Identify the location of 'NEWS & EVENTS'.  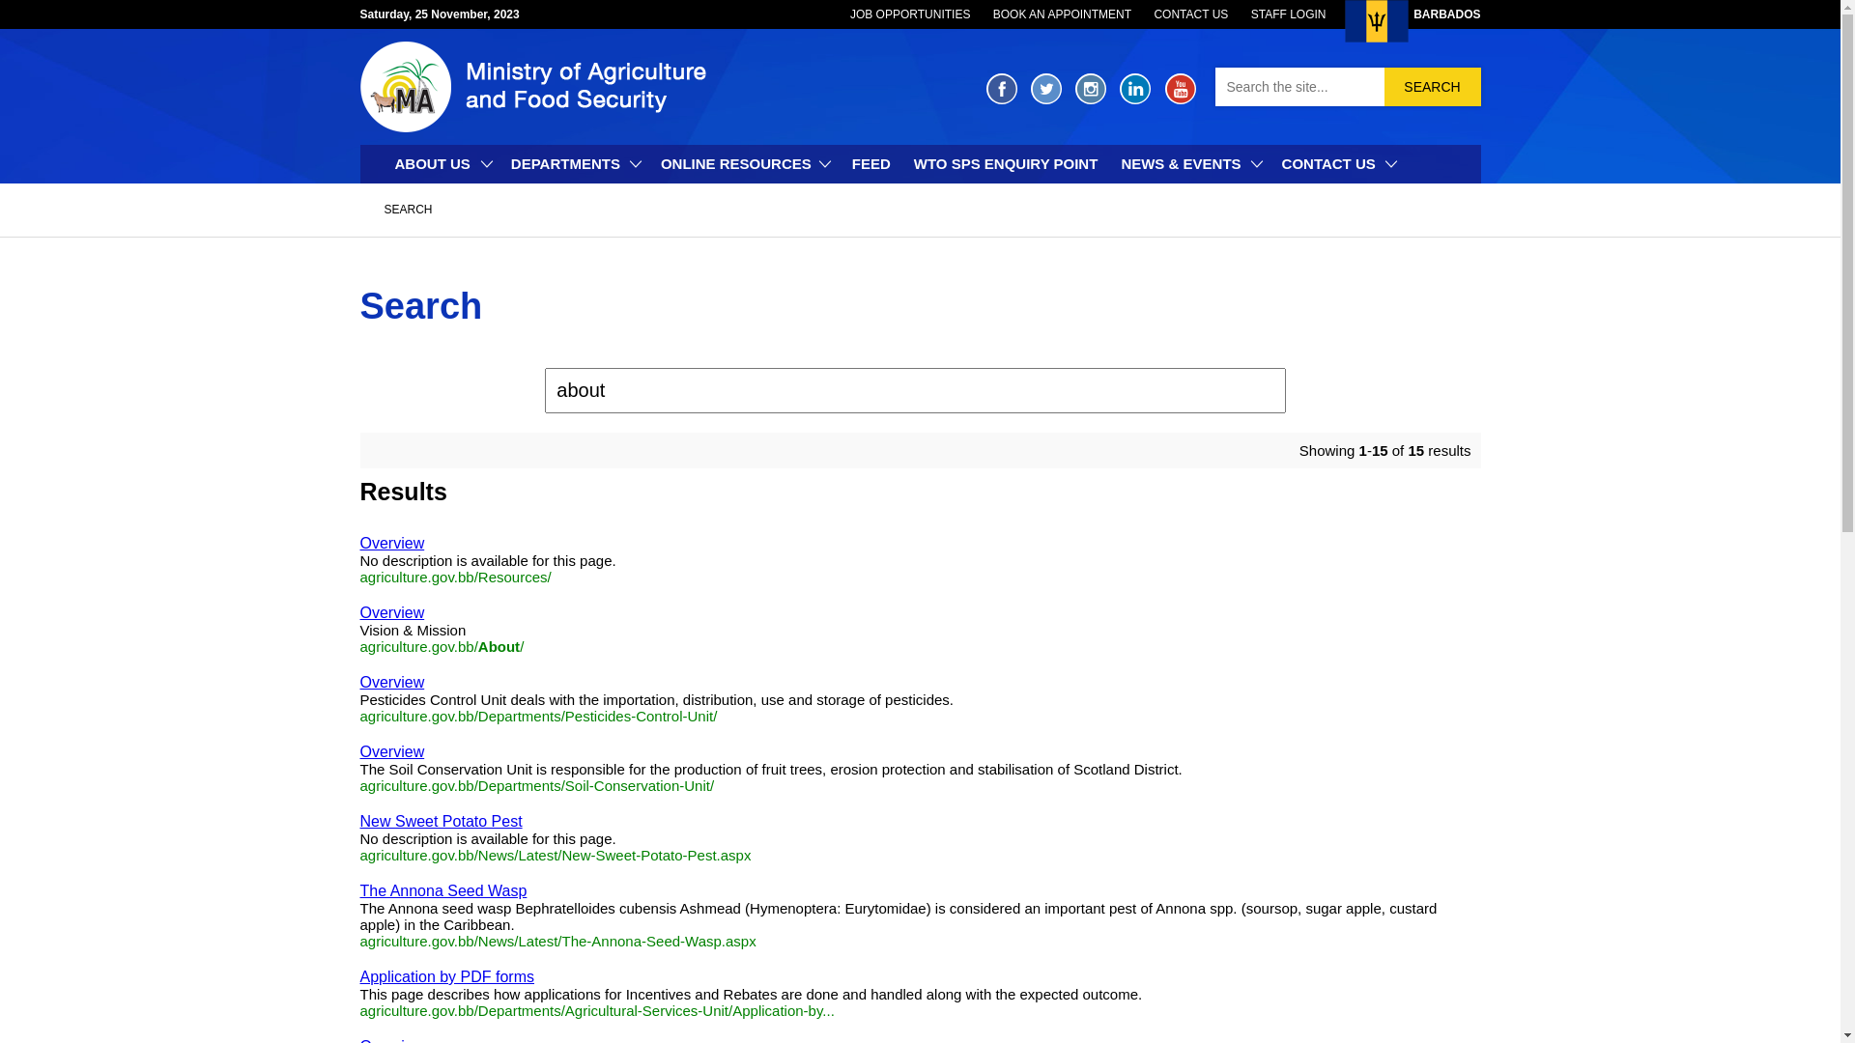
(1187, 162).